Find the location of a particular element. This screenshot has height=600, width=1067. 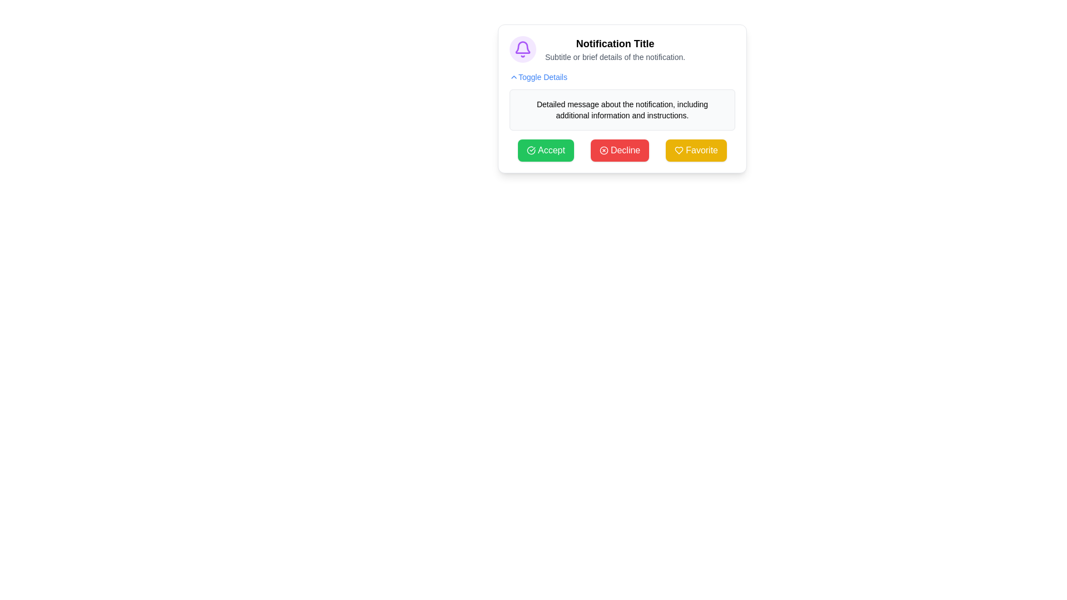

title 'Notification Title' and subtitle 'Subtitle or brief details of the notification.' from the notification element containing a purple bell icon is located at coordinates (621, 48).